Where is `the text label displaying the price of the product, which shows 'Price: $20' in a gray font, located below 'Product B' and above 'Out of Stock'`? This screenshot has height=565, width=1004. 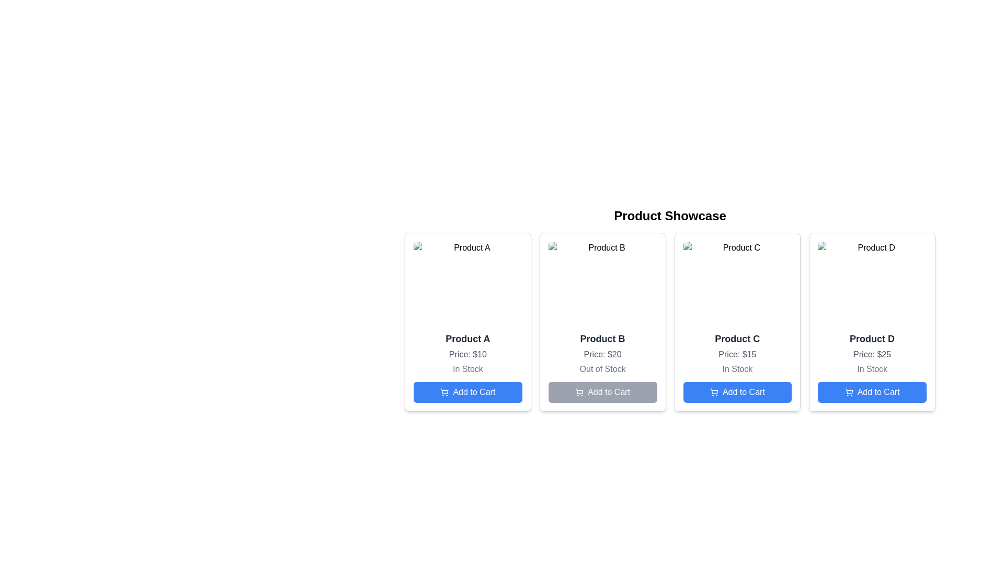
the text label displaying the price of the product, which shows 'Price: $20' in a gray font, located below 'Product B' and above 'Out of Stock' is located at coordinates (602, 354).